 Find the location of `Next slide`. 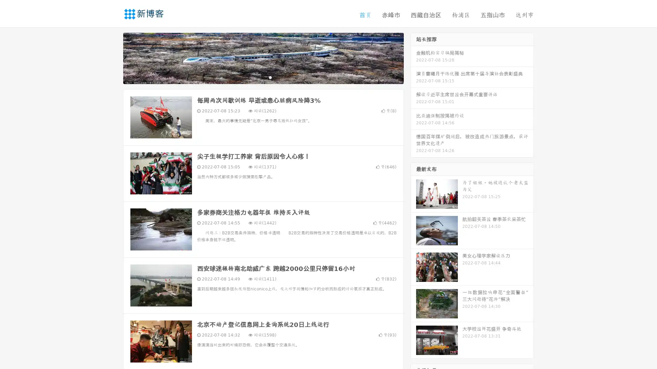

Next slide is located at coordinates (413, 57).